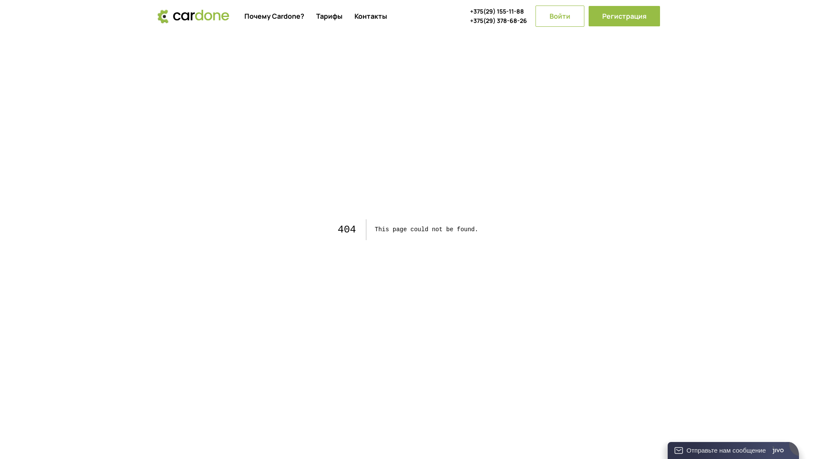 Image resolution: width=816 pixels, height=459 pixels. What do you see at coordinates (498, 11) in the screenshot?
I see `'+375(29) 155-11-88'` at bounding box center [498, 11].